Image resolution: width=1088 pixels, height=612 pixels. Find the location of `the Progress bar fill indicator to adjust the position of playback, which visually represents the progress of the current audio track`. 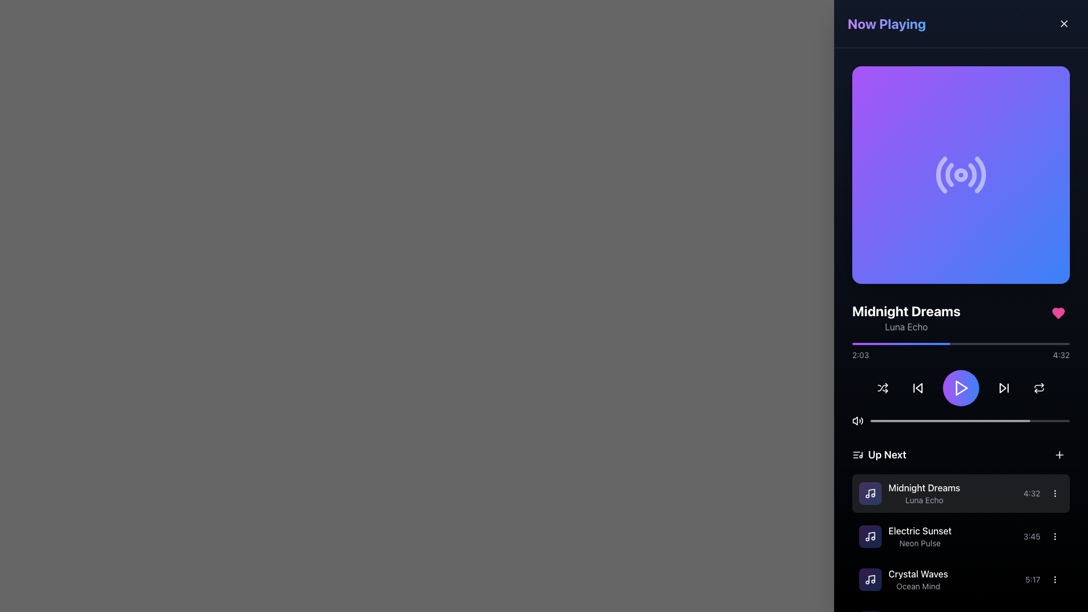

the Progress bar fill indicator to adjust the position of playback, which visually represents the progress of the current audio track is located at coordinates (950, 421).